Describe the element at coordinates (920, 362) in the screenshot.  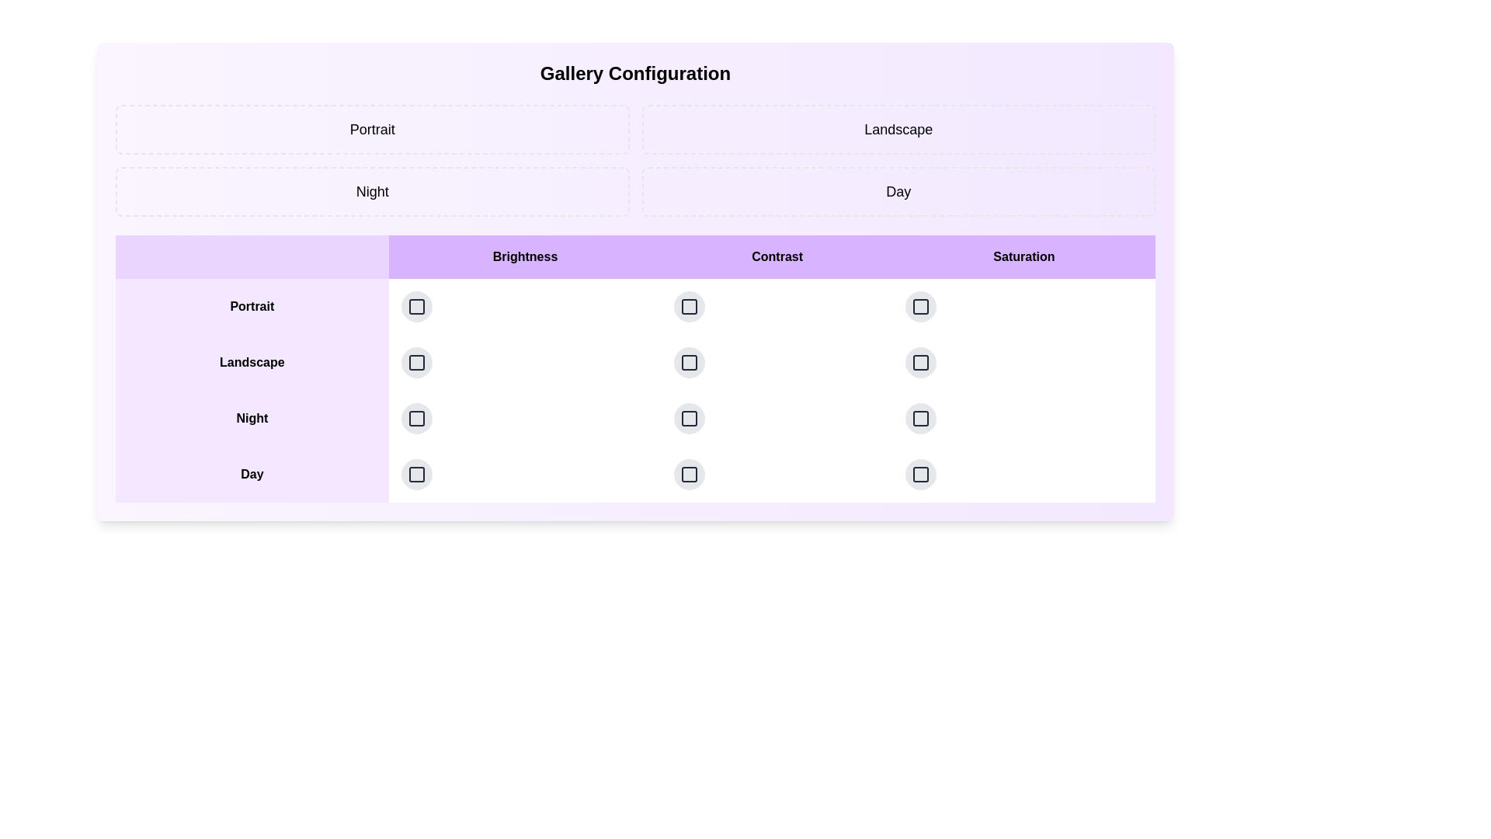
I see `the checkbox located in the third row and last column of the grid, which corresponds to 'Night' and 'Saturation'` at that location.